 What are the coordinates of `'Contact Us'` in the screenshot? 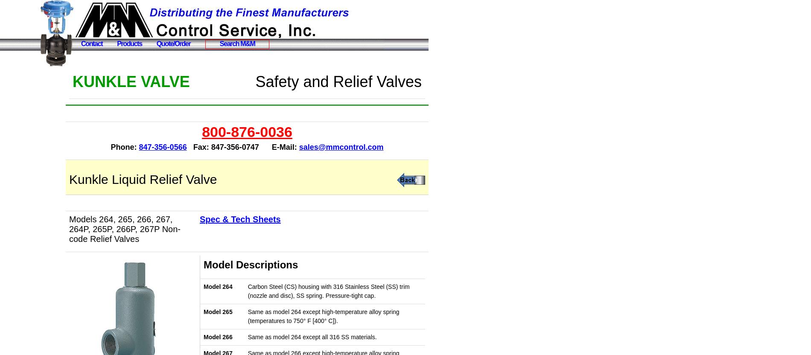 It's located at (22, 191).